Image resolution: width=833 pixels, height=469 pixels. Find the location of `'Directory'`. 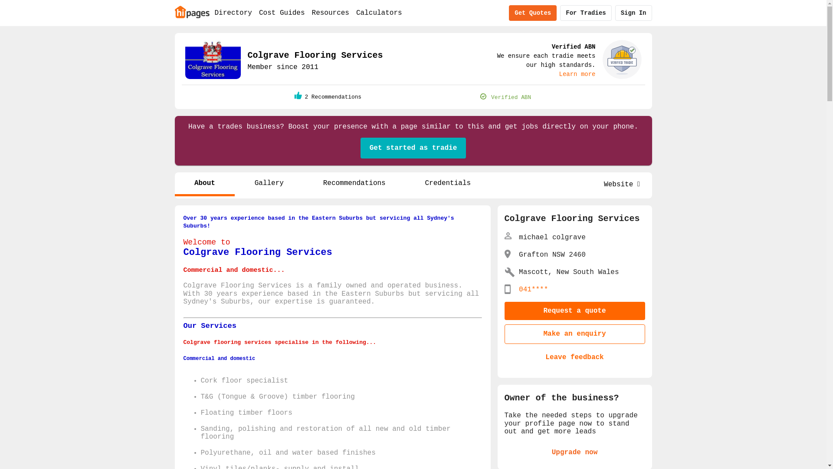

'Directory' is located at coordinates (233, 13).